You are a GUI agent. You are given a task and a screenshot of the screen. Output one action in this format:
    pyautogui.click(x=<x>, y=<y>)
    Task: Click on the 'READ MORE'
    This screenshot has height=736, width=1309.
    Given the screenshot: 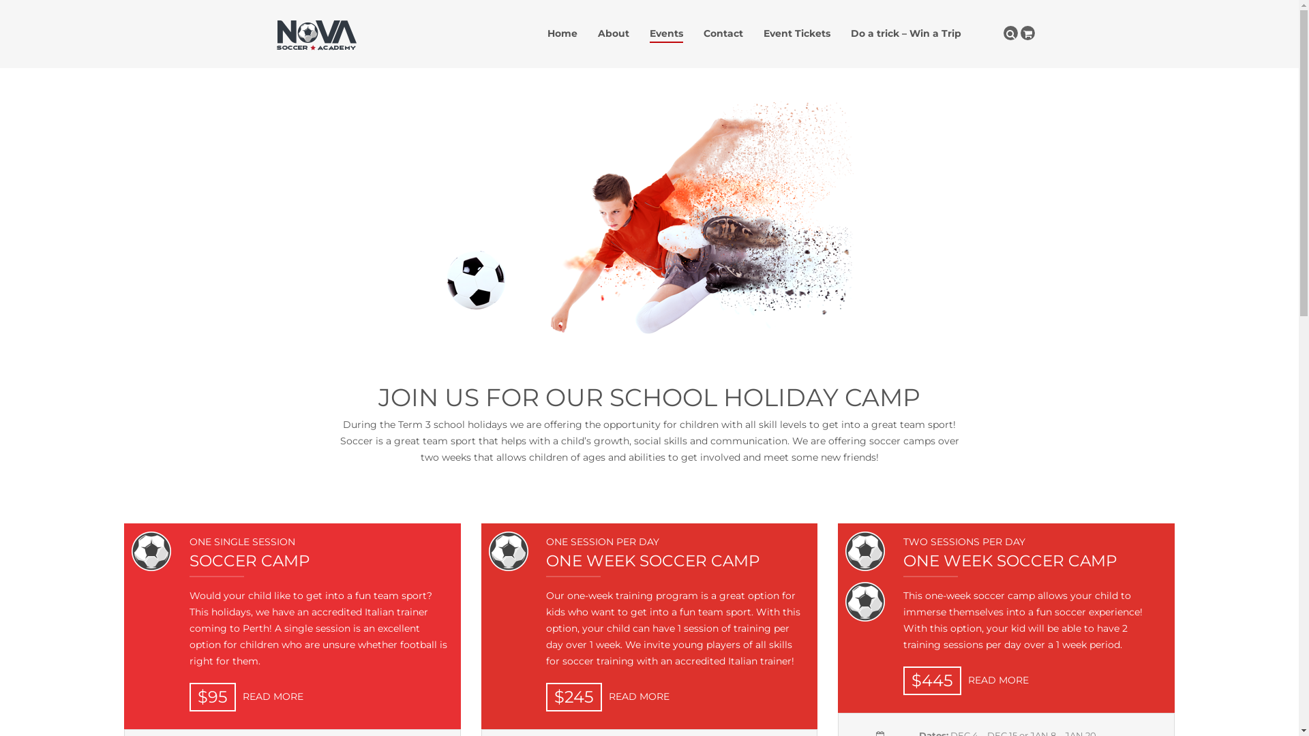 What is the action you would take?
    pyautogui.click(x=995, y=680)
    